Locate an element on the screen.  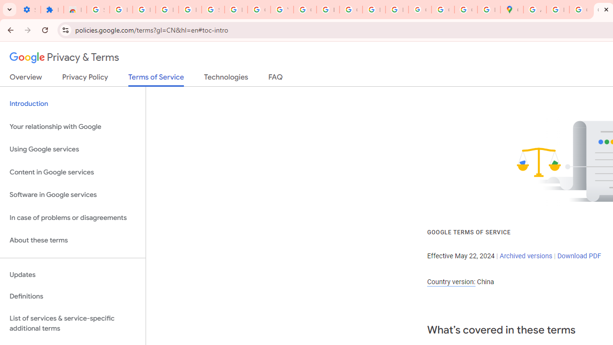
'Google Account' is located at coordinates (259, 10).